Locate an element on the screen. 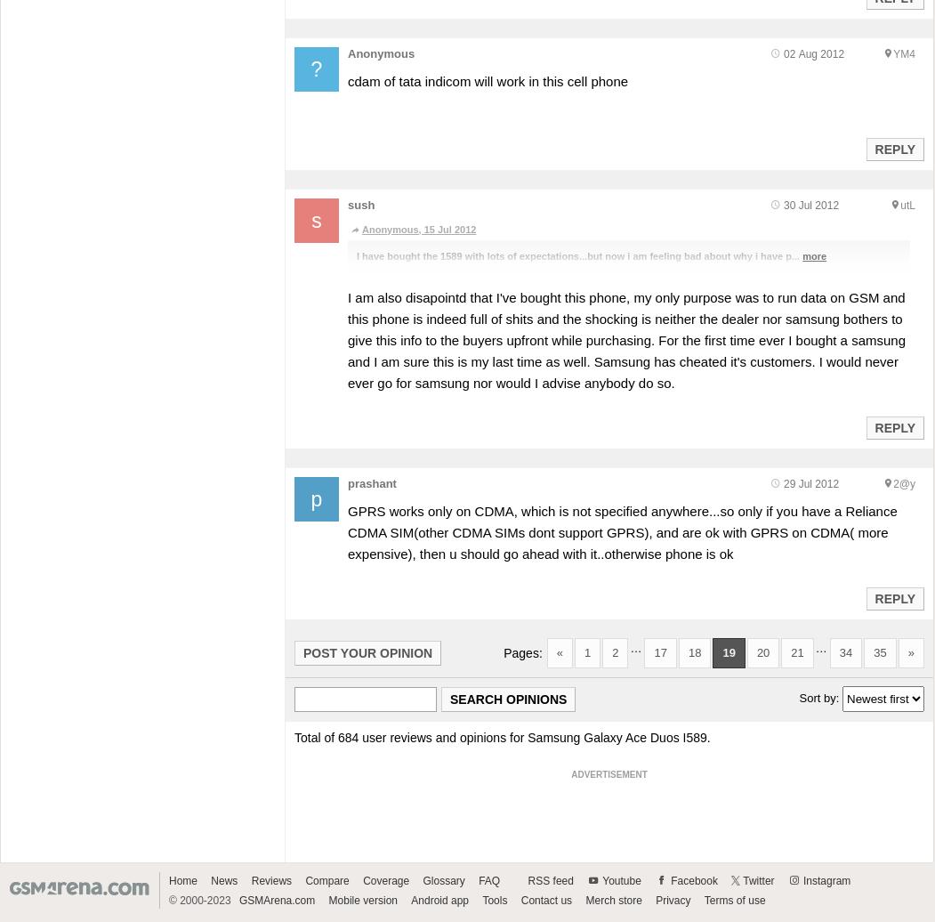  'Sort by:' is located at coordinates (820, 697).